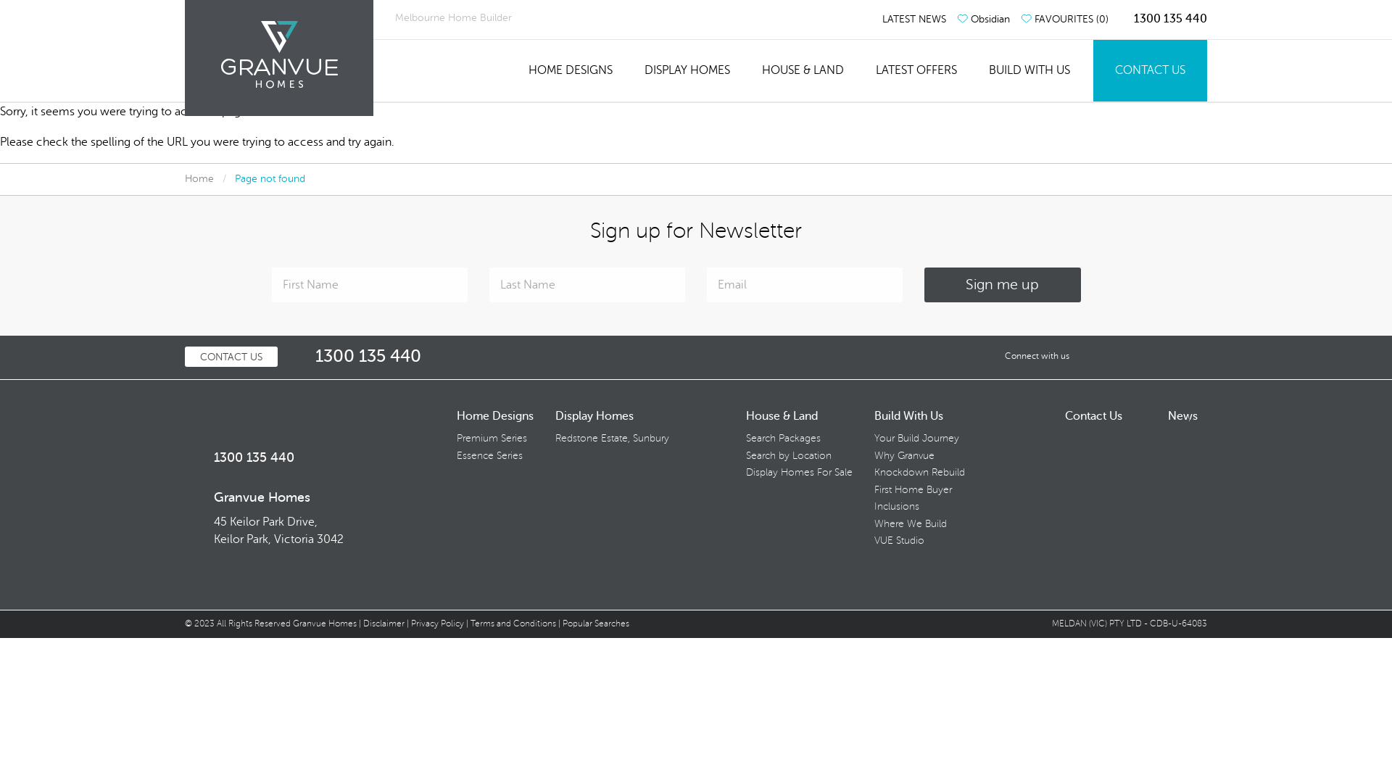 Image resolution: width=1392 pixels, height=783 pixels. Describe the element at coordinates (629, 70) in the screenshot. I see `'DISPLAY HOMES'` at that location.